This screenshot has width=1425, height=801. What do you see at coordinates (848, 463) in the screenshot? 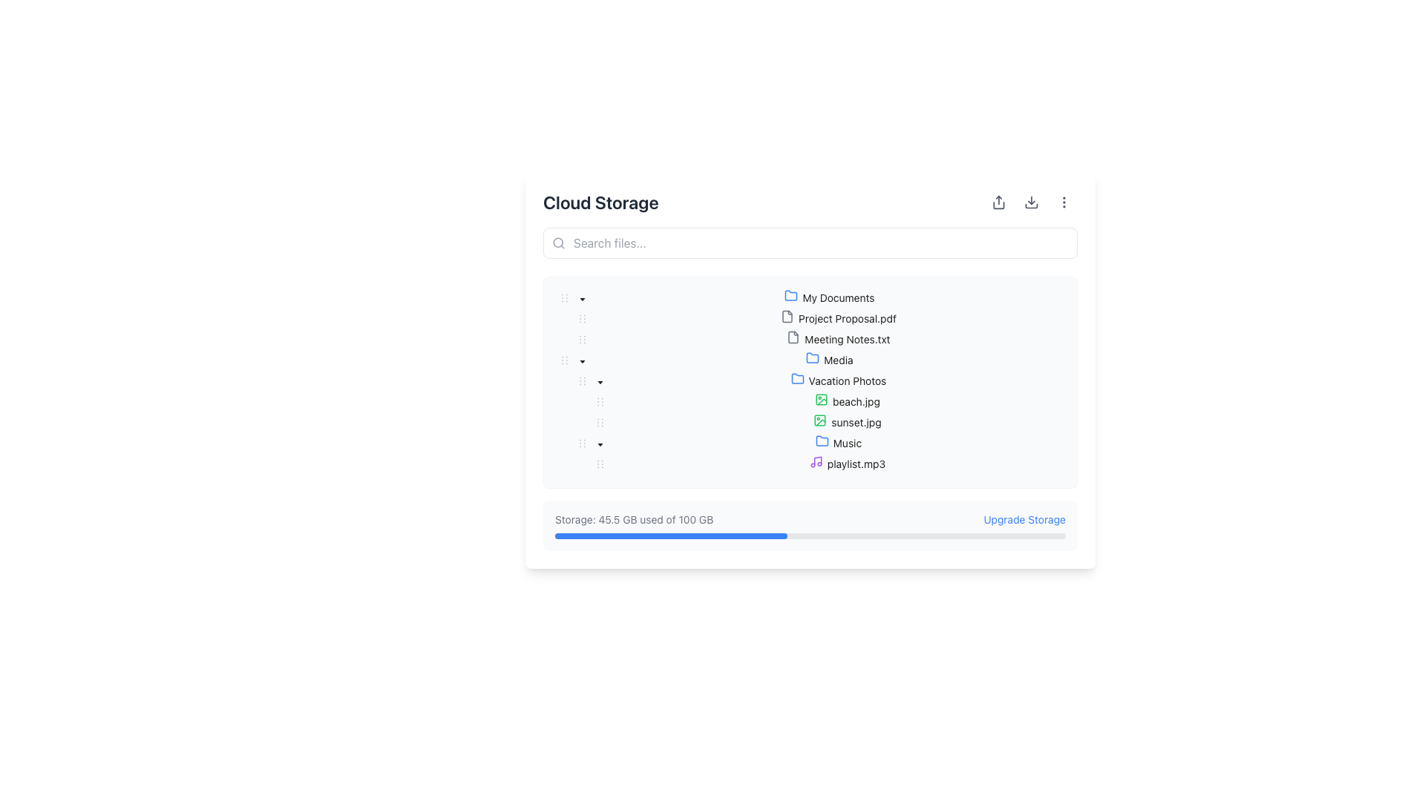
I see `the tree node element representing the file 'playlist.mp3'` at bounding box center [848, 463].